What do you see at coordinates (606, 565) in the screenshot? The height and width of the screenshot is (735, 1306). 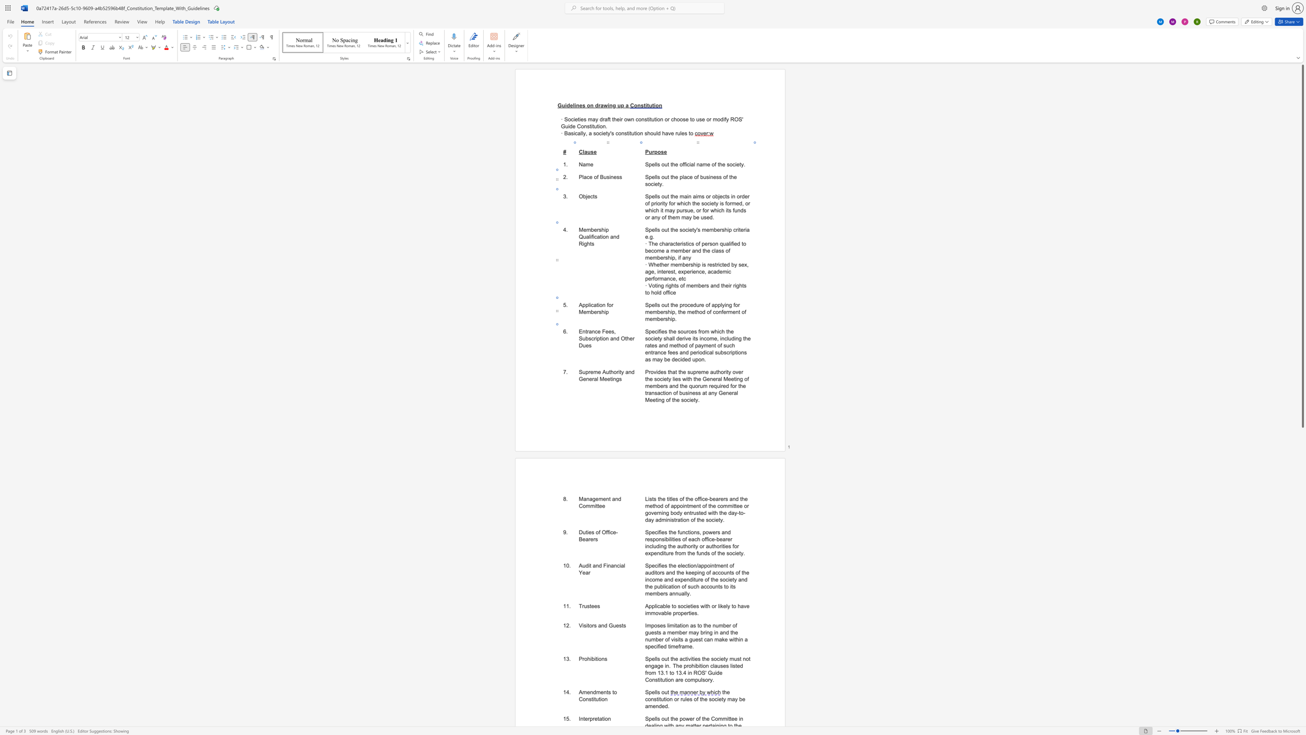 I see `the space between the continuous character "F" and "i" in the text` at bounding box center [606, 565].